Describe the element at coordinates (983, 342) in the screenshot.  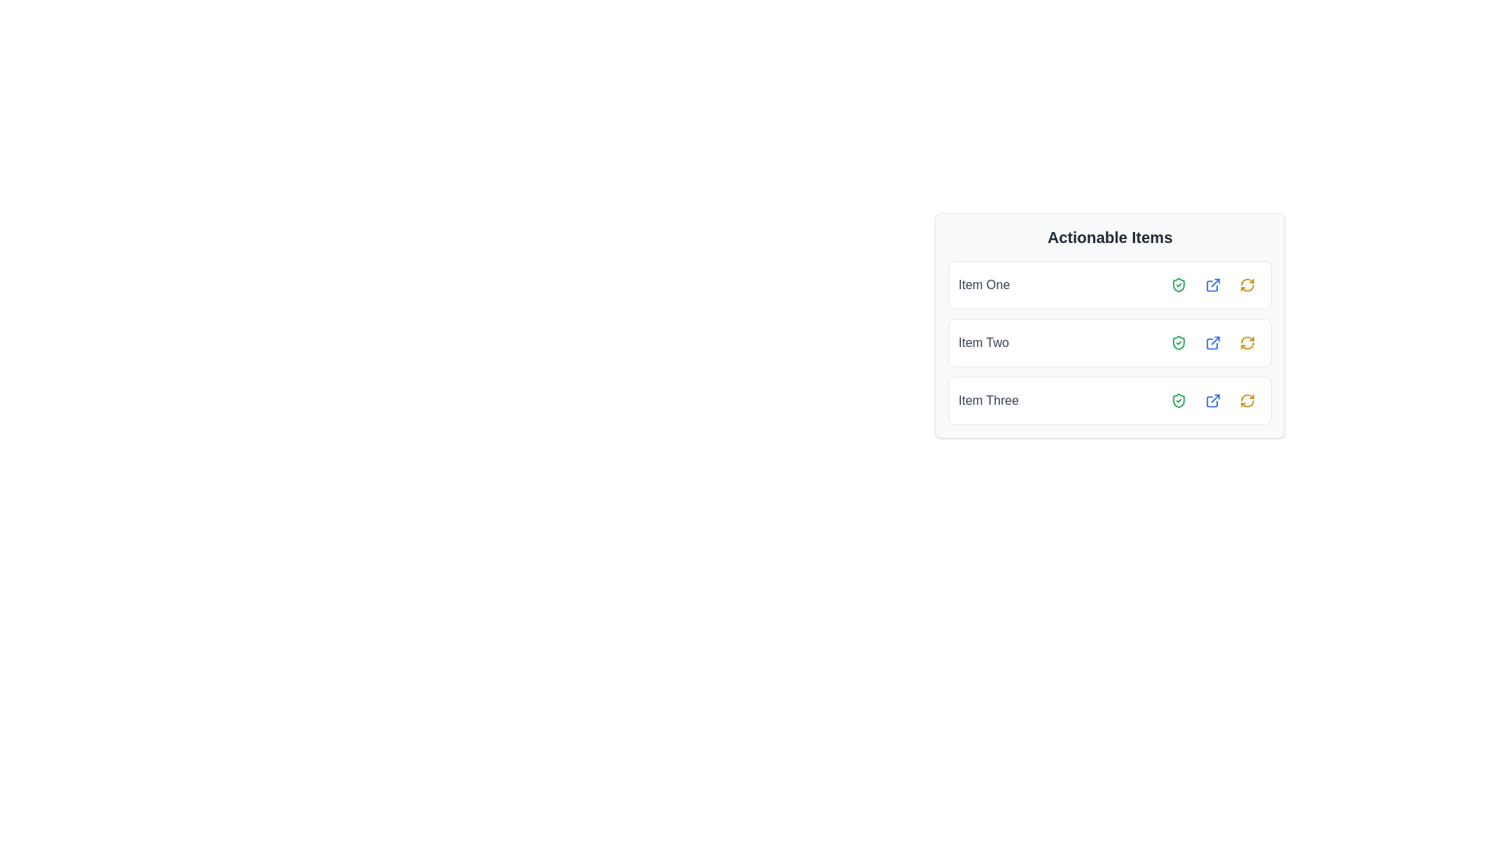
I see `the text label displaying 'Item Two' in gray color within the 'Actionable Items' section` at that location.